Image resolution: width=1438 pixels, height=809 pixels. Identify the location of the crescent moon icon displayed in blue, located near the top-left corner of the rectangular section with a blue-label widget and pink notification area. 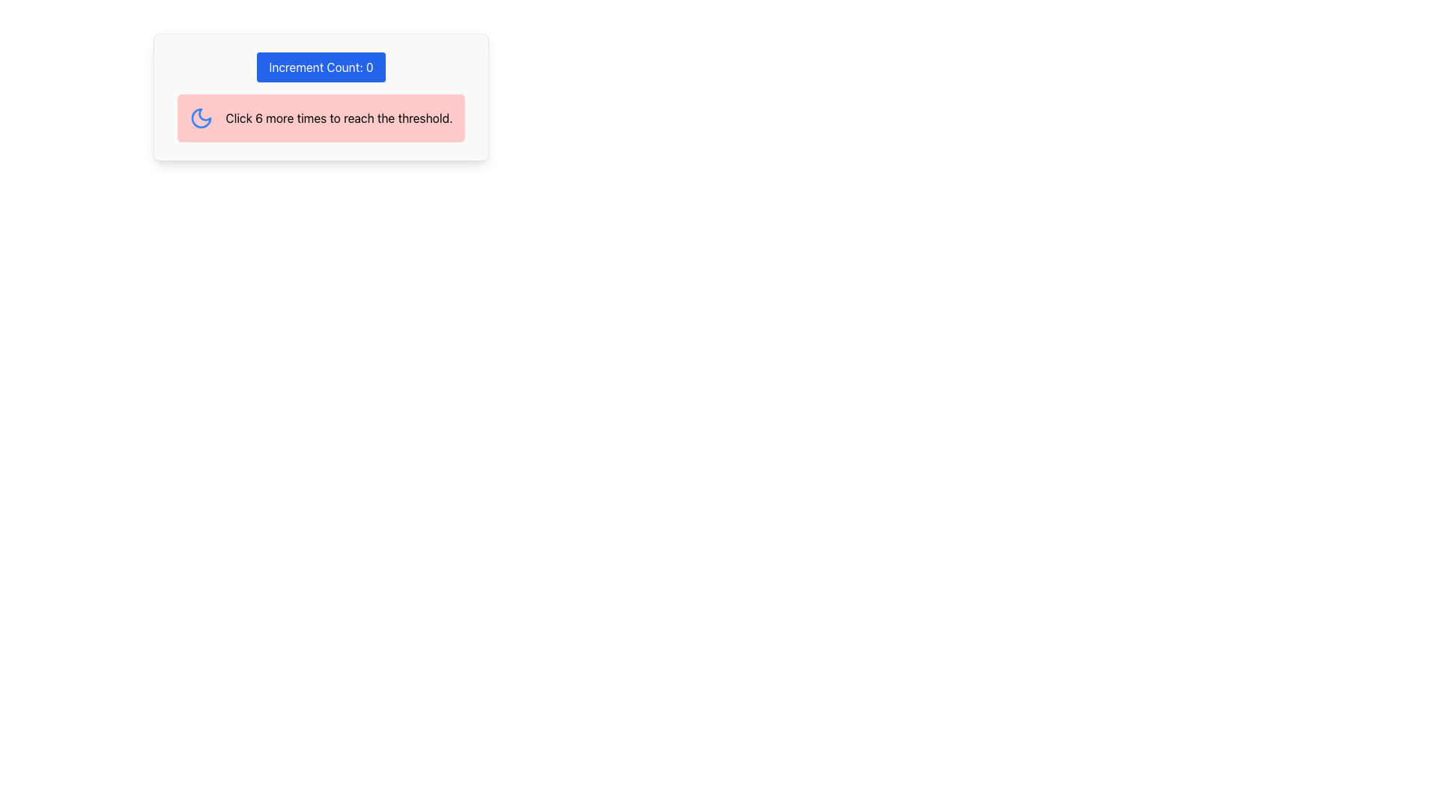
(201, 118).